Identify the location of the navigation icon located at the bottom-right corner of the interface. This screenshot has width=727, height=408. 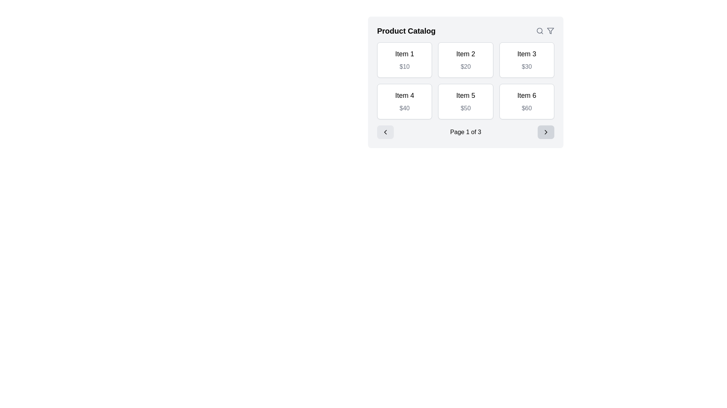
(546, 132).